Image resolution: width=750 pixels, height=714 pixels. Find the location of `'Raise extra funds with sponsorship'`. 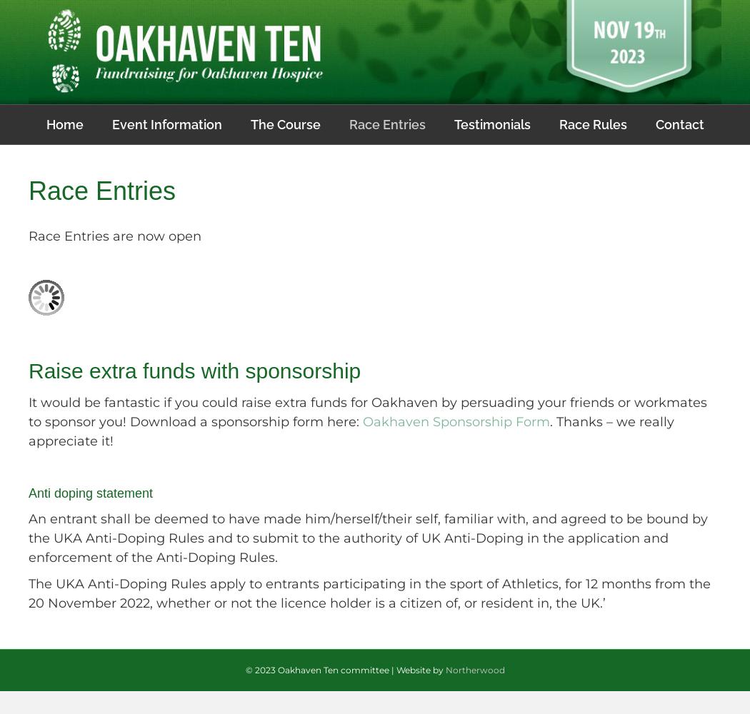

'Raise extra funds with sponsorship' is located at coordinates (194, 371).